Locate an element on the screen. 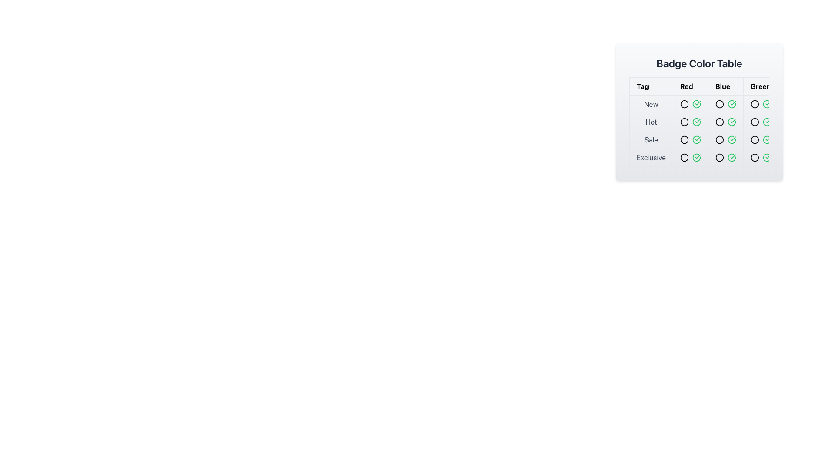 The height and width of the screenshot is (469, 834). the Icon that indicates the status for the 'Exclusive' category in the 'Blue' column, which is the second element from the left in the 'Exclusive' row of the table is located at coordinates (722, 157).